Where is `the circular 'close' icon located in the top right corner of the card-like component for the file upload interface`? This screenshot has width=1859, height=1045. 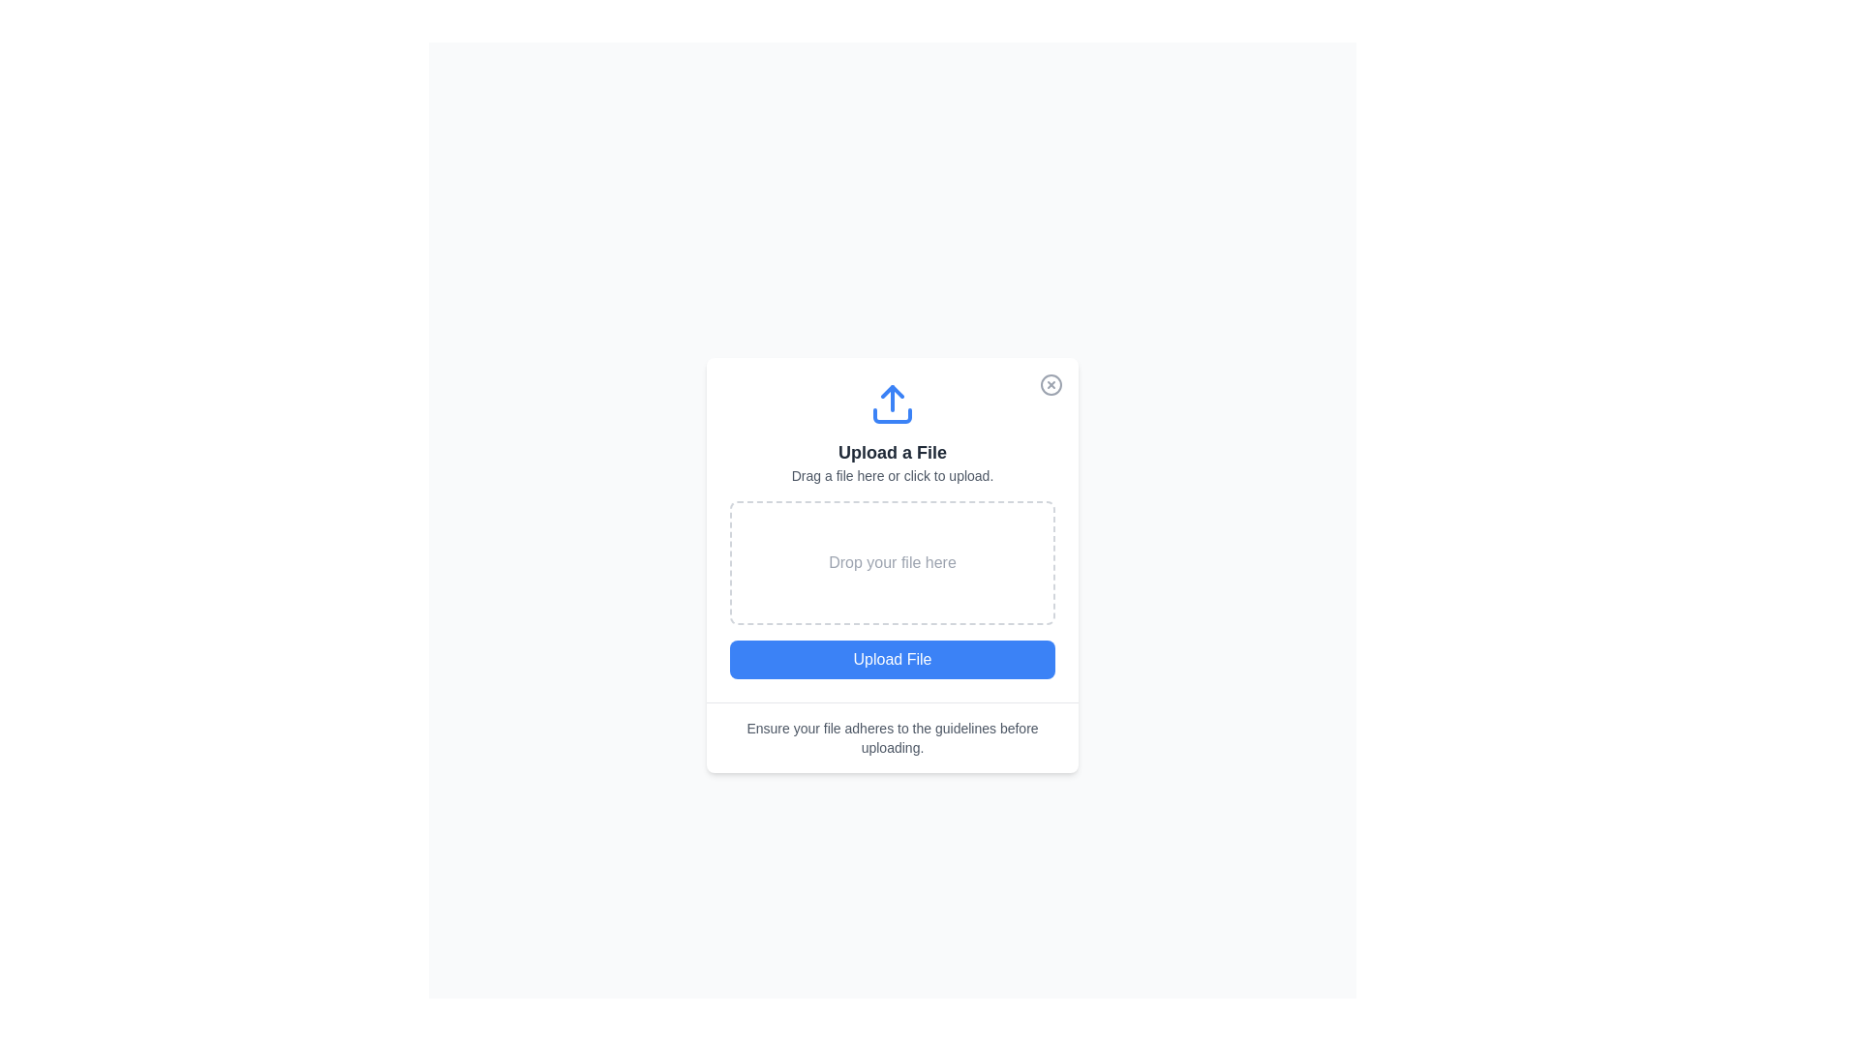
the circular 'close' icon located in the top right corner of the card-like component for the file upload interface is located at coordinates (1050, 384).